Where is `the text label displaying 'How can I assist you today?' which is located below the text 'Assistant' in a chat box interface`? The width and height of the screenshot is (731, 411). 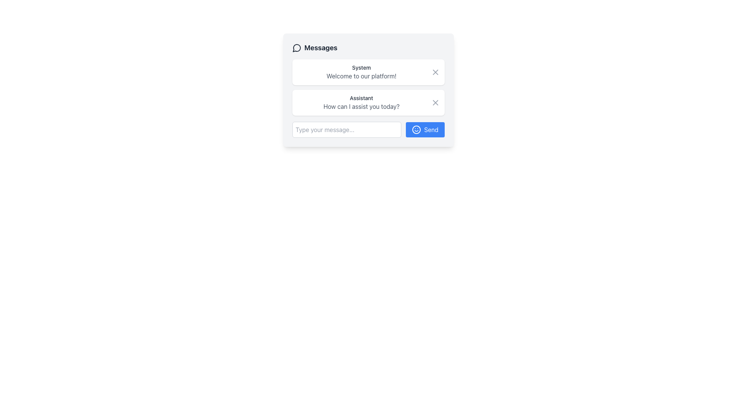 the text label displaying 'How can I assist you today?' which is located below the text 'Assistant' in a chat box interface is located at coordinates (361, 107).